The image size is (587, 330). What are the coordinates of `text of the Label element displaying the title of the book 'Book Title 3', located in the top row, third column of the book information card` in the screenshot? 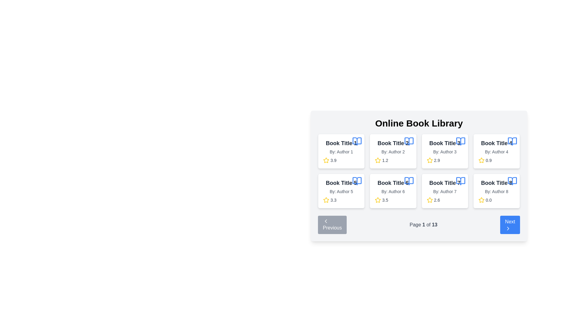 It's located at (445, 143).